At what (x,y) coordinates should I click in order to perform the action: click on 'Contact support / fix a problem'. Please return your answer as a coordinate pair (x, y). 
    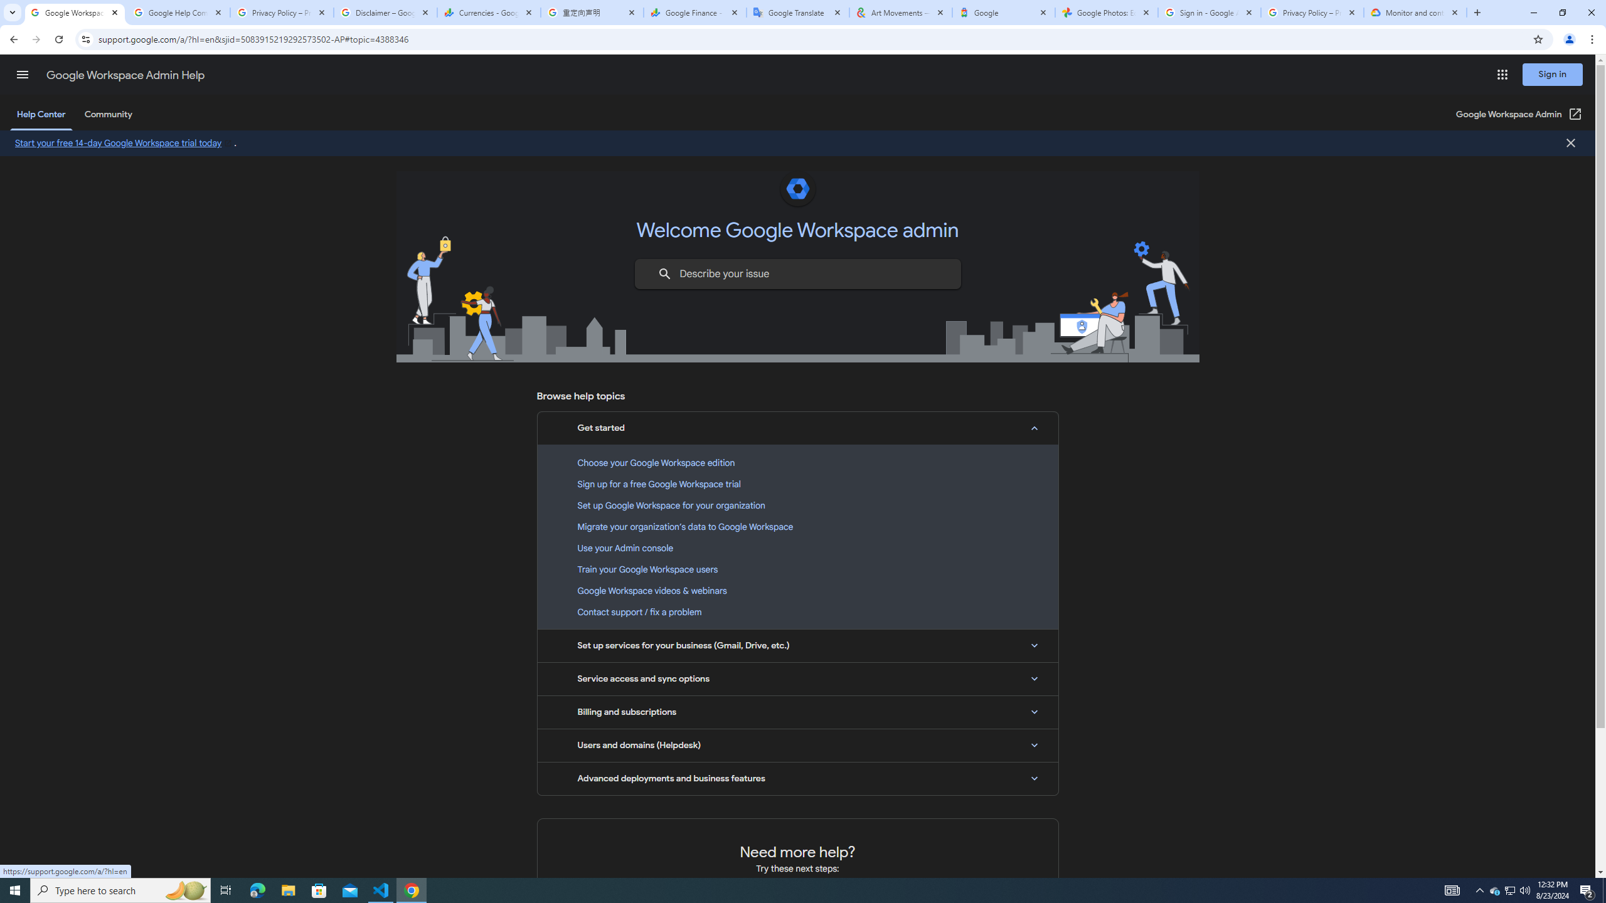
    Looking at the image, I should click on (797, 612).